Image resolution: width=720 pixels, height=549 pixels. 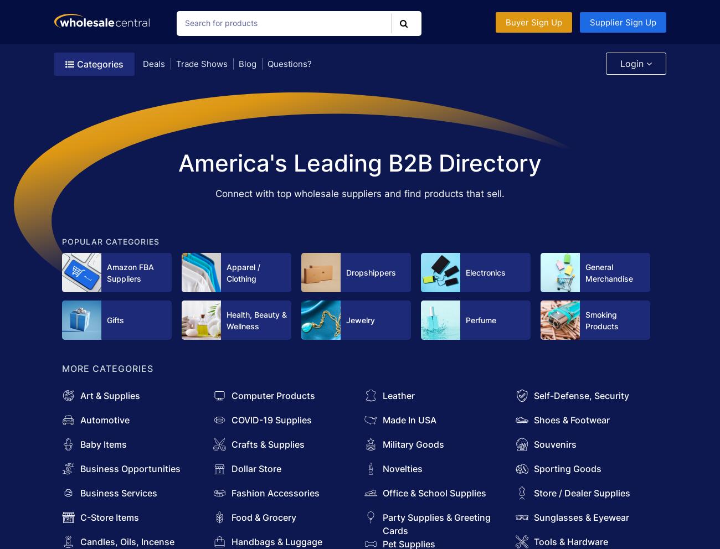 What do you see at coordinates (246, 63) in the screenshot?
I see `'Blog'` at bounding box center [246, 63].